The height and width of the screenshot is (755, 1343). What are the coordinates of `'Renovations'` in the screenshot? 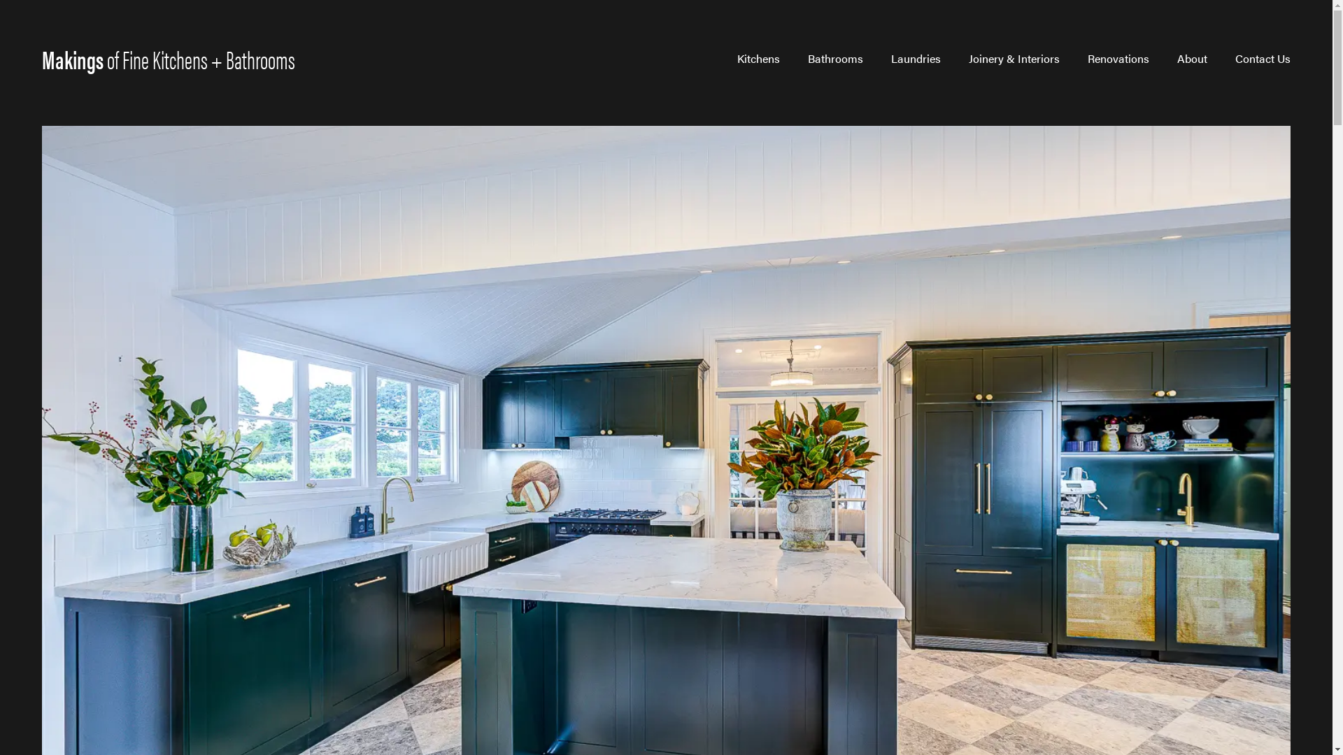 It's located at (1117, 58).